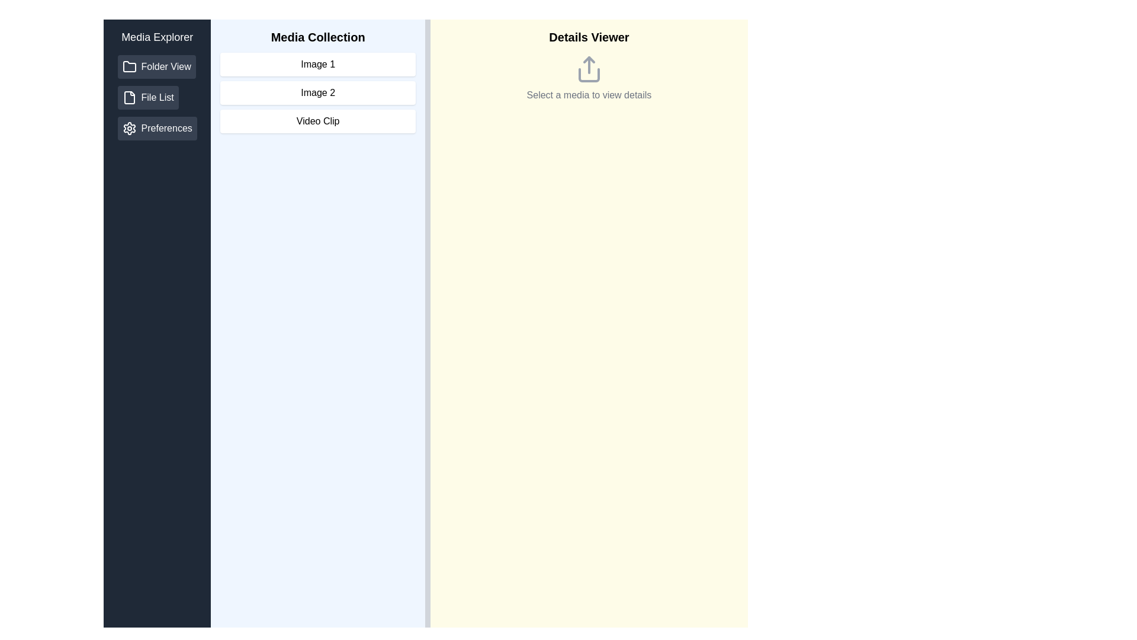  What do you see at coordinates (589, 78) in the screenshot?
I see `the decorative icon and static instruction text located in the top-middle portion of the 'Details Viewer' section, positioned below the section title 'Details Viewer'` at bounding box center [589, 78].